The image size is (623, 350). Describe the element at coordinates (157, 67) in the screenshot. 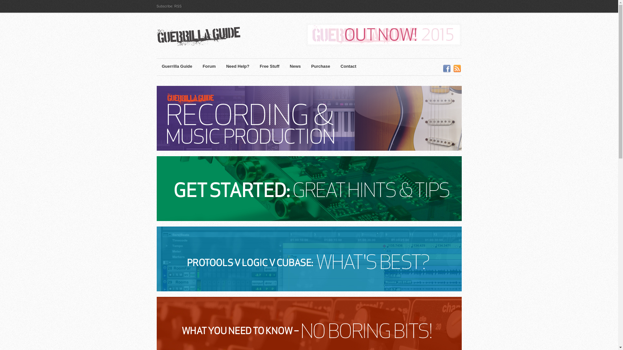

I see `'Guerrilla Guide'` at that location.